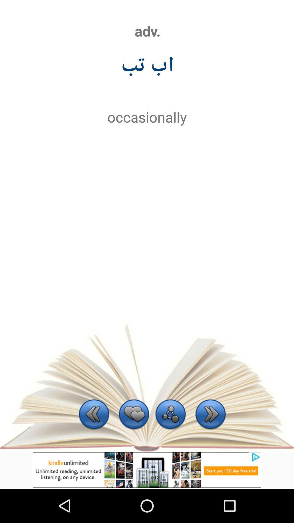 The image size is (294, 523). Describe the element at coordinates (147, 470) in the screenshot. I see `external advertisement` at that location.